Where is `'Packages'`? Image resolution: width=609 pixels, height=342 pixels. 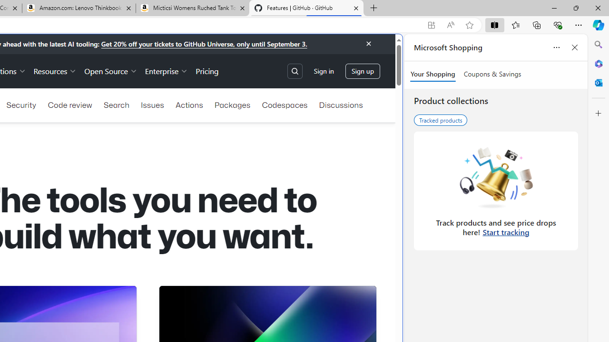
'Packages' is located at coordinates (232, 105).